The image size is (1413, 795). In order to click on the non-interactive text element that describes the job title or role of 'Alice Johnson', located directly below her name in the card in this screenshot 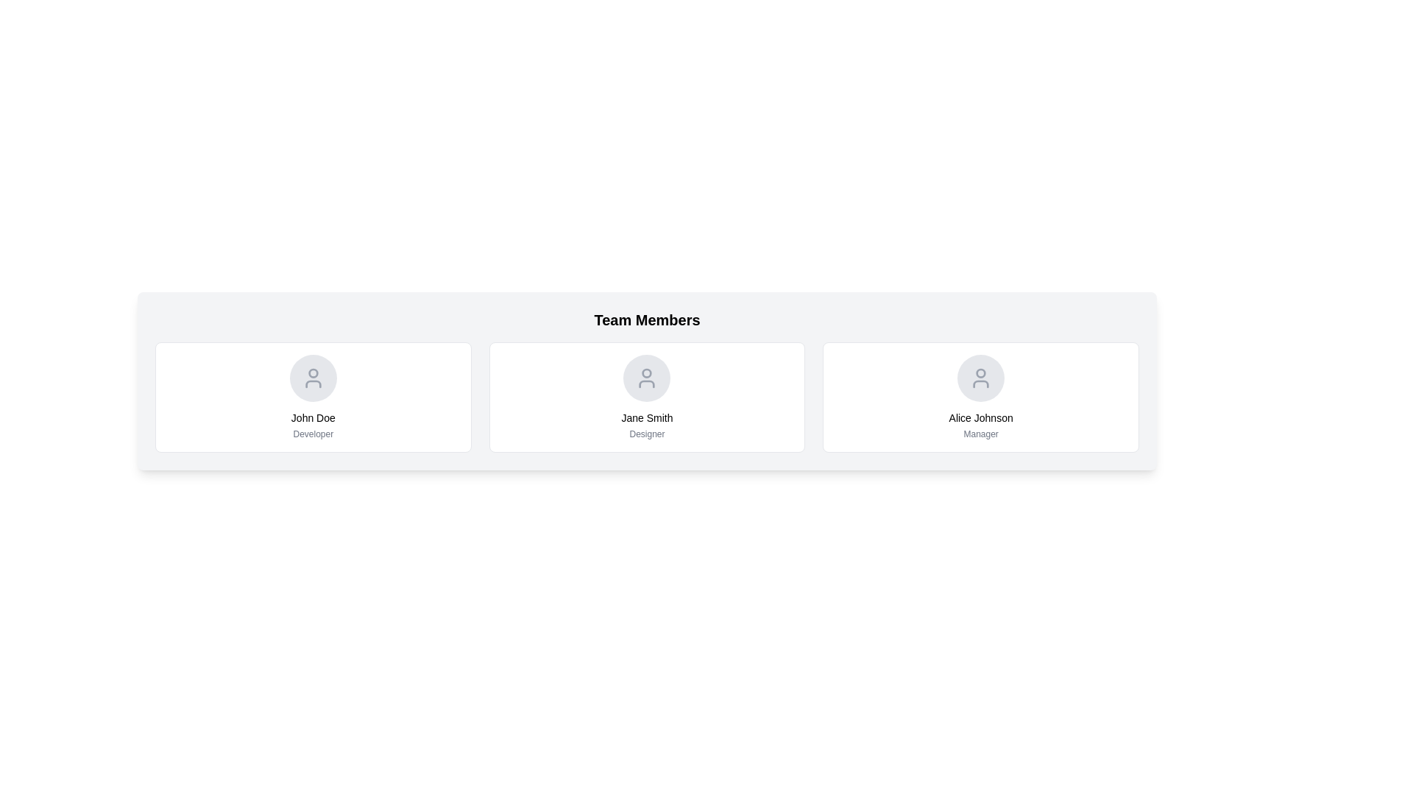, I will do `click(981, 434)`.